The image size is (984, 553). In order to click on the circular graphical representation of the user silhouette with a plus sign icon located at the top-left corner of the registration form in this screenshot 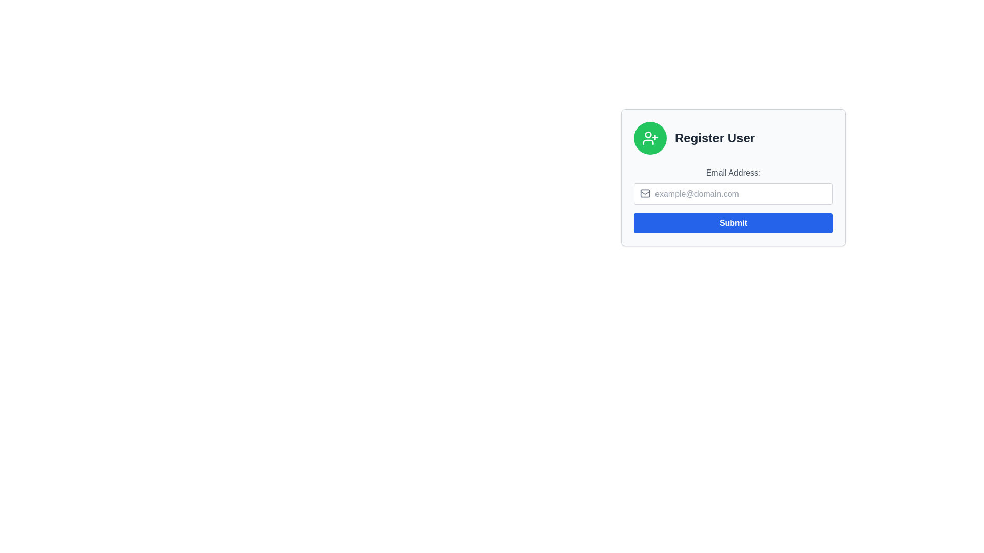, I will do `click(648, 134)`.